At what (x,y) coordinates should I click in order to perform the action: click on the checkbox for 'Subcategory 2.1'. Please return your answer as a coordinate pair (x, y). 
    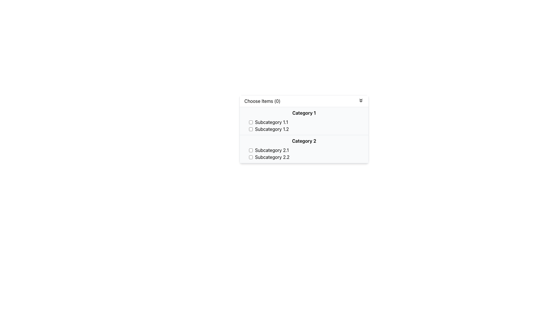
    Looking at the image, I should click on (251, 150).